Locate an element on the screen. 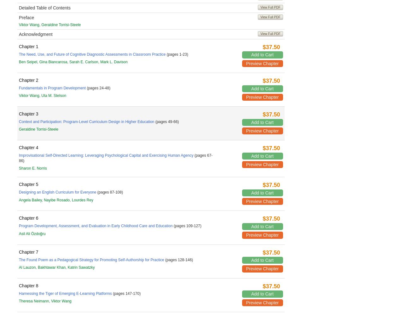 This screenshot has width=394, height=315. '(pages 147-170)' is located at coordinates (126, 293).